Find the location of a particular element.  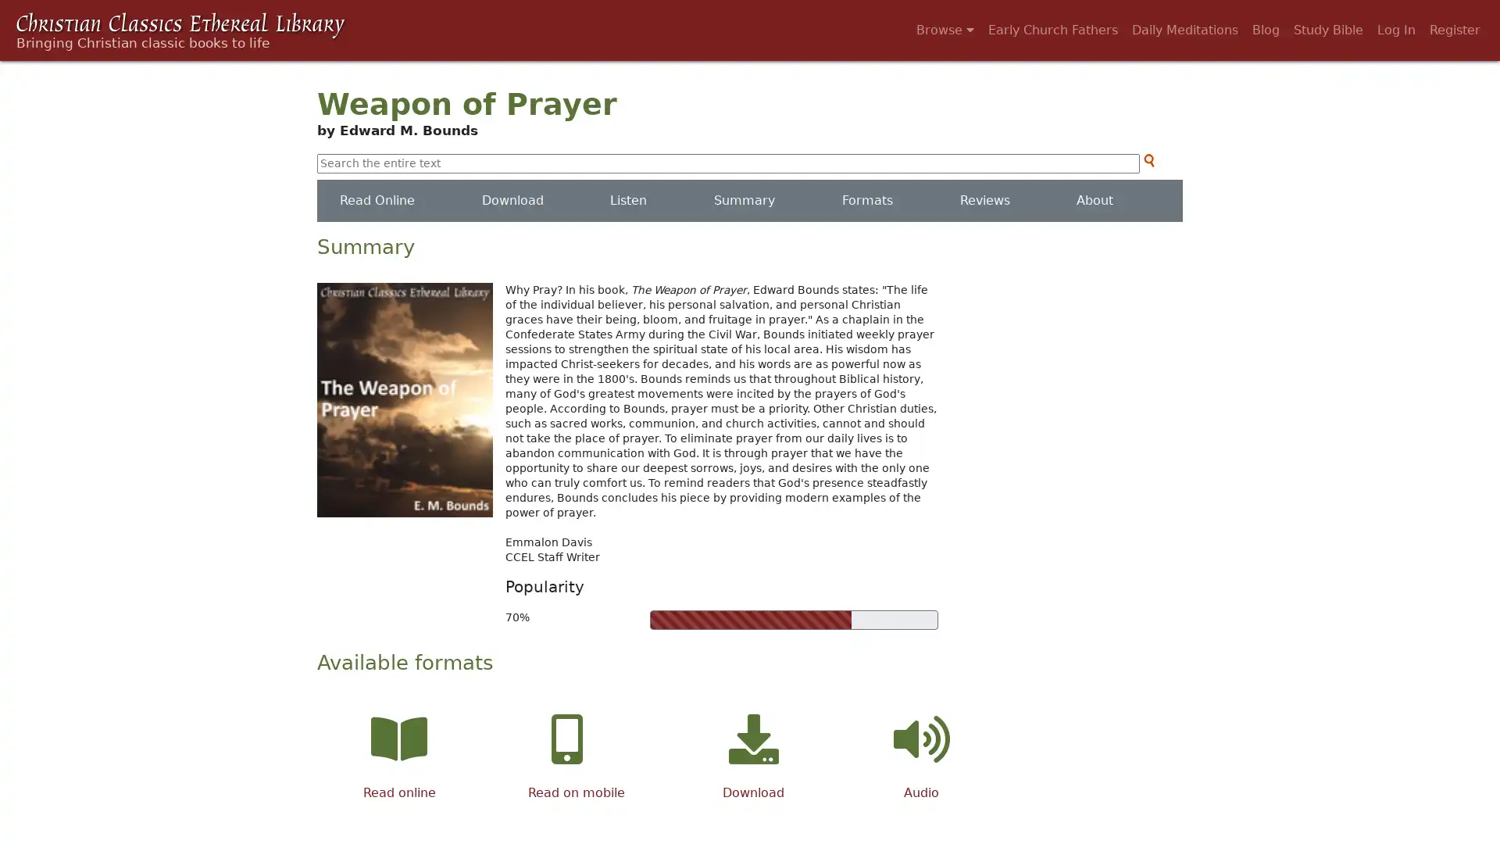

Register is located at coordinates (1454, 30).